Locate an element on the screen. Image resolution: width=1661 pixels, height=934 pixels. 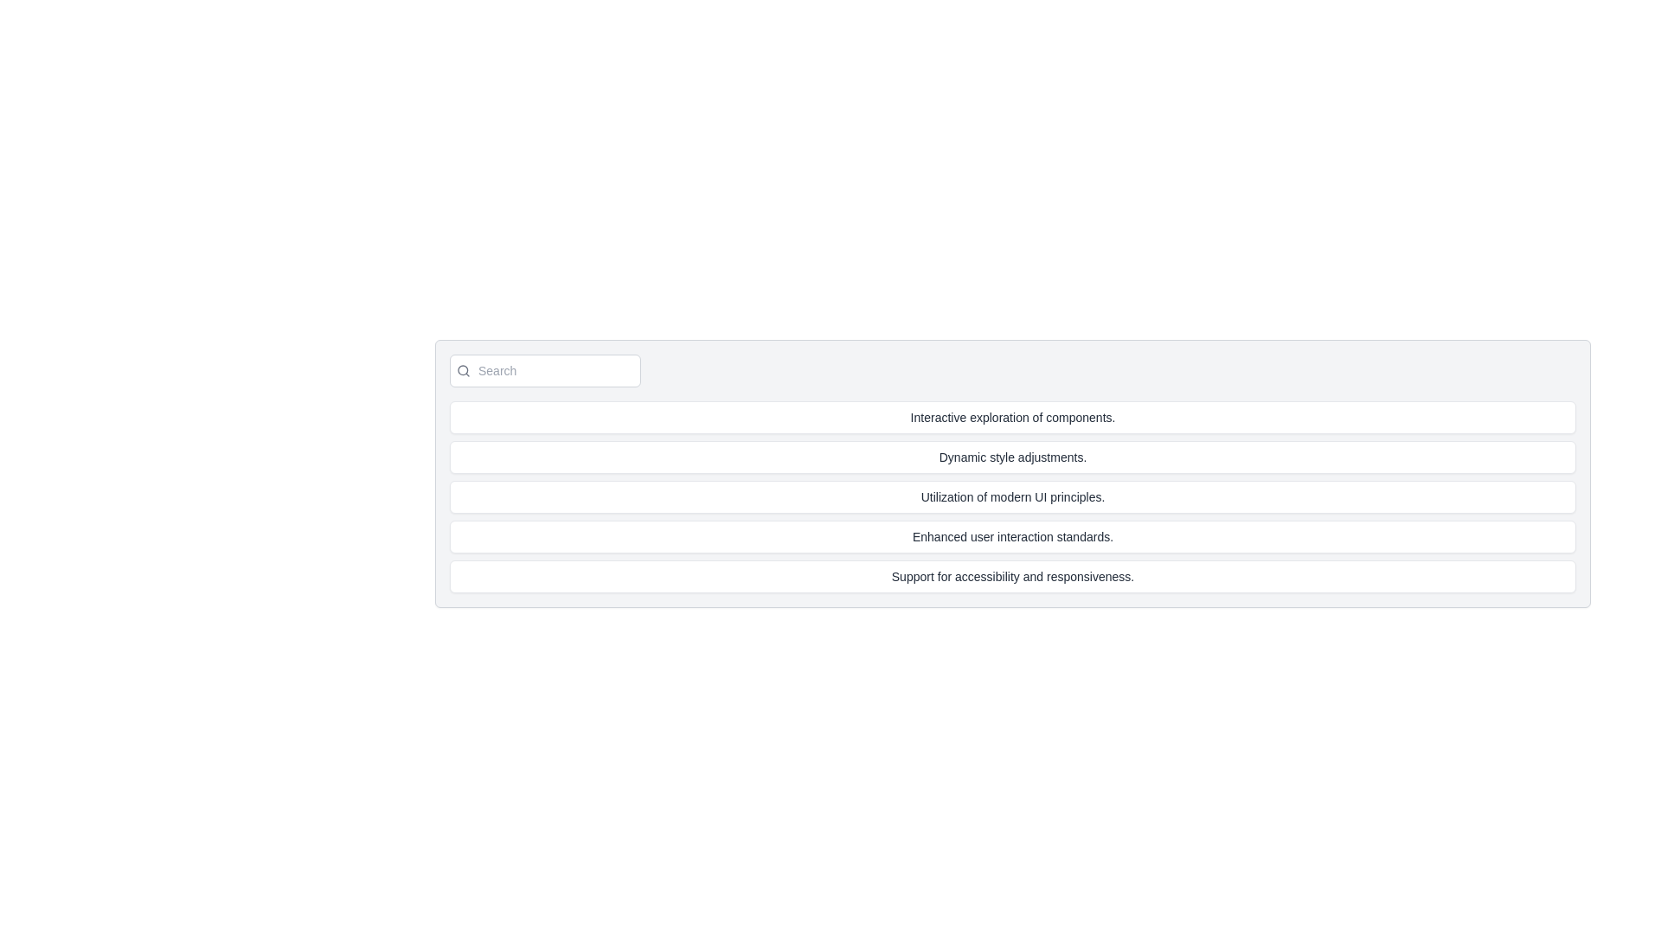
the static text character 'o', which is the second character in the word 'of' within the text 'Interactive exploration of components.' is located at coordinates (1036, 417).